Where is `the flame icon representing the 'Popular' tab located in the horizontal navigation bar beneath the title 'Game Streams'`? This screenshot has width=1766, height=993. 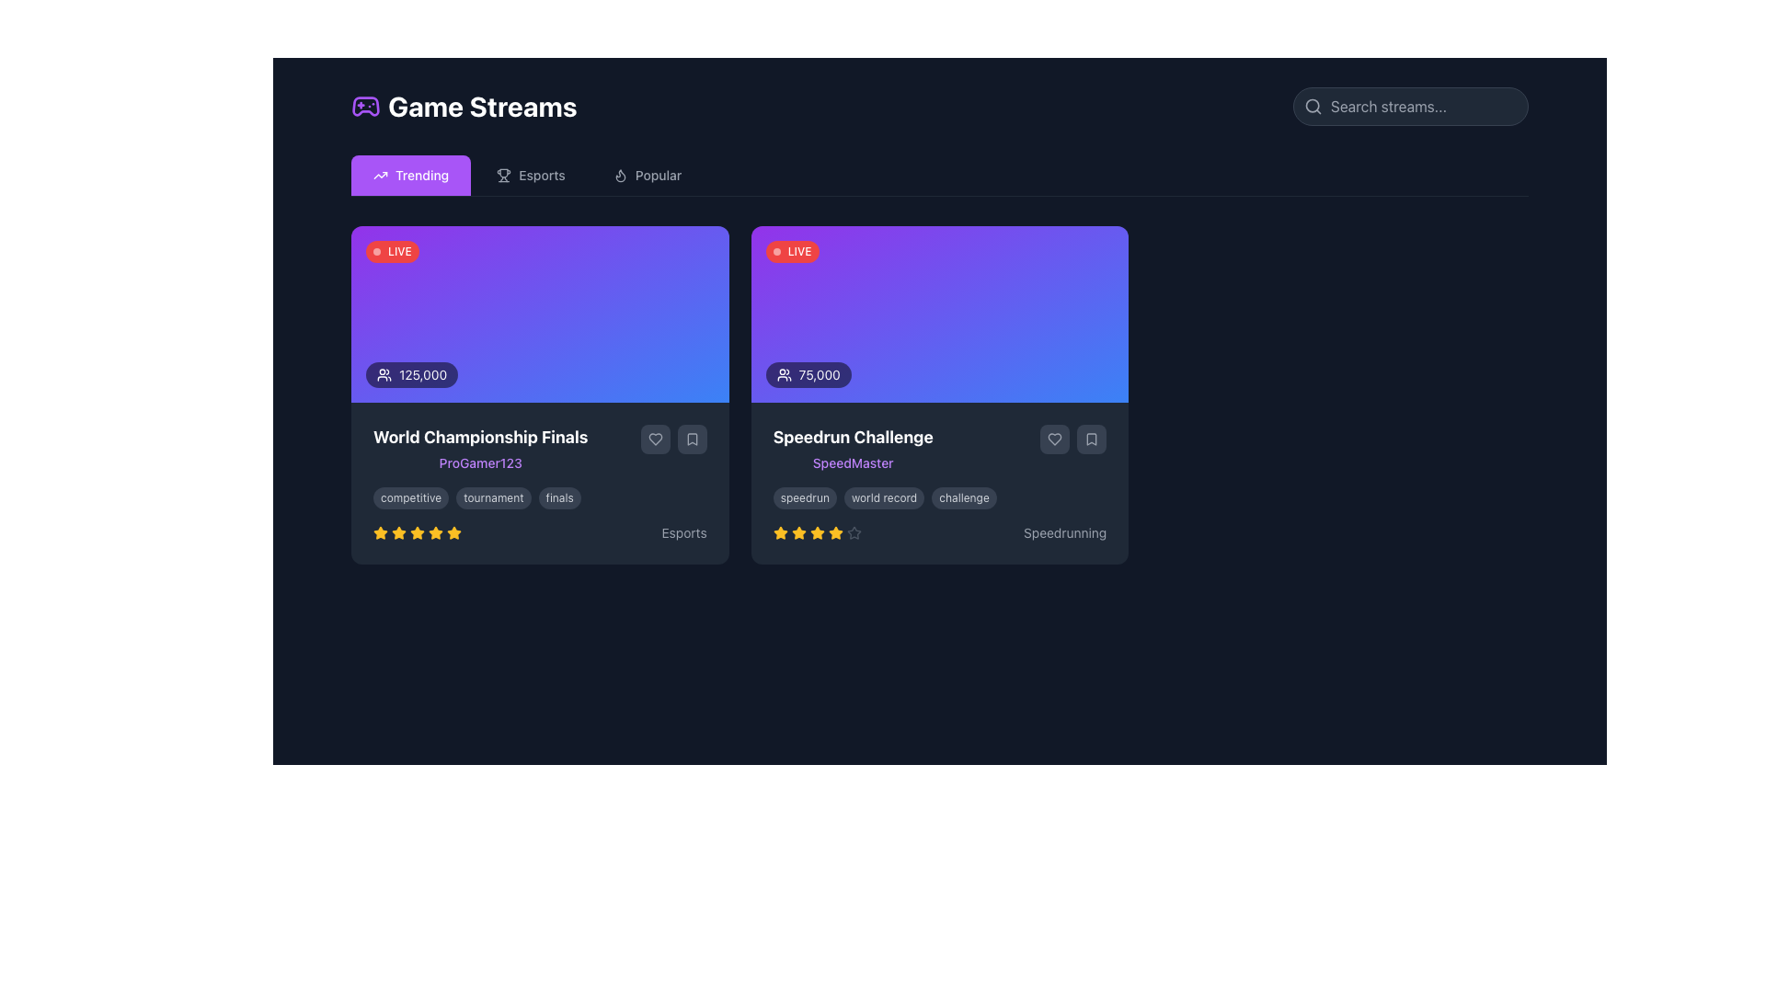
the flame icon representing the 'Popular' tab located in the horizontal navigation bar beneath the title 'Game Streams' is located at coordinates (620, 176).